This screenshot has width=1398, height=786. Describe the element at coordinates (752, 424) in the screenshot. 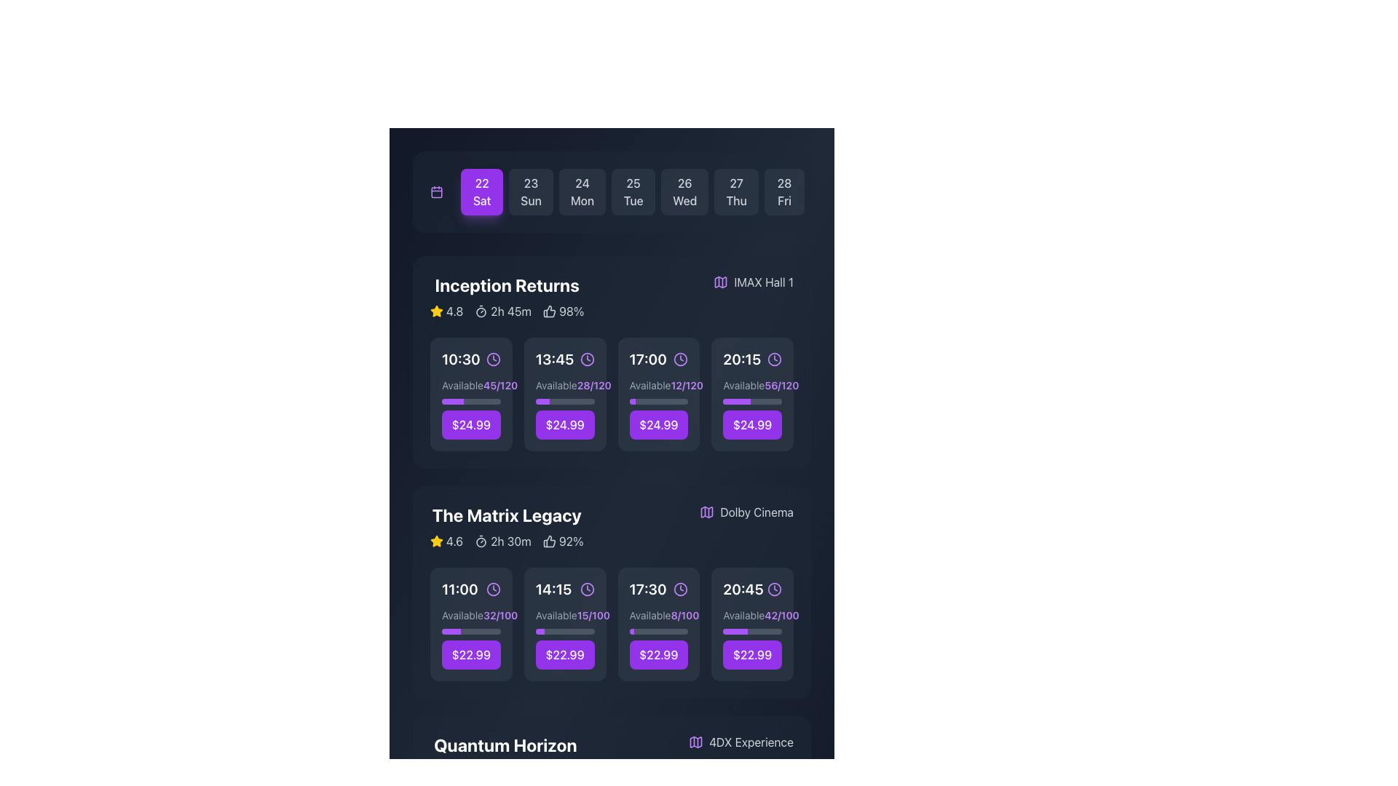

I see `the interactive button for selecting the time slot for the movie 'Inception Returns' to proceed with booking or reservation` at that location.